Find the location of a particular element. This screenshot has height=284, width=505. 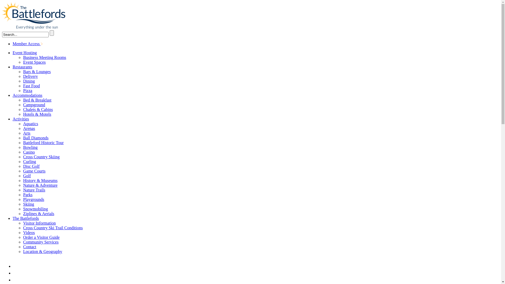

'Ziplines & Aerials' is located at coordinates (38, 214).